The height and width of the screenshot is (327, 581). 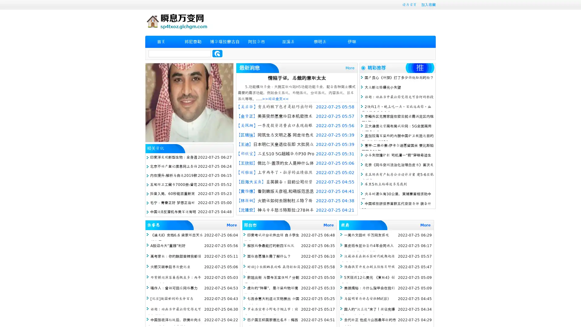 What do you see at coordinates (217, 53) in the screenshot?
I see `Search` at bounding box center [217, 53].